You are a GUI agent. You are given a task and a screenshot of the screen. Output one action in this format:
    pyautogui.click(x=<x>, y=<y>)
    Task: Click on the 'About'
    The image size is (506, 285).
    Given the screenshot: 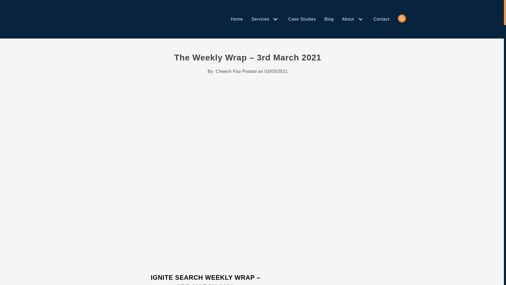 What is the action you would take?
    pyautogui.click(x=349, y=19)
    